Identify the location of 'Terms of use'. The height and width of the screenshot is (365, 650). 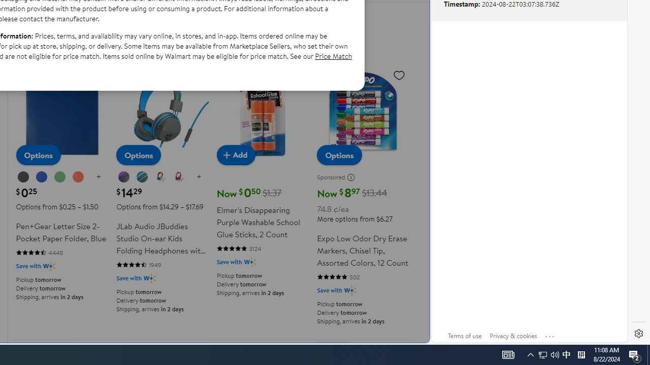
(464, 336).